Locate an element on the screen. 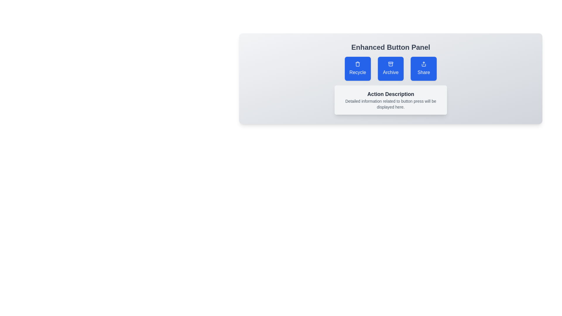  text 'Share' located within the blue button at the center-top of the interface, specifically the third button in a row of three buttons is located at coordinates (424, 72).